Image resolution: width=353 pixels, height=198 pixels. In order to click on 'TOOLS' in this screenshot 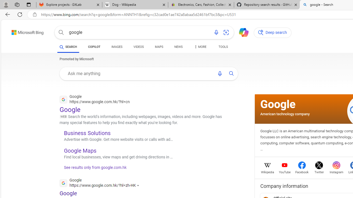, I will do `click(223, 47)`.